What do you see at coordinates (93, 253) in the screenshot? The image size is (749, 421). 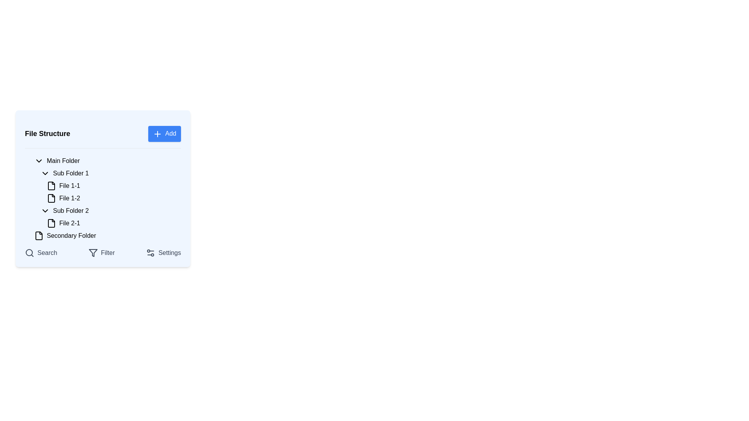 I see `the filter icon, styled as an inverted triangle funnel, located to the left of the 'Filter' text in the bottom navigation menu` at bounding box center [93, 253].